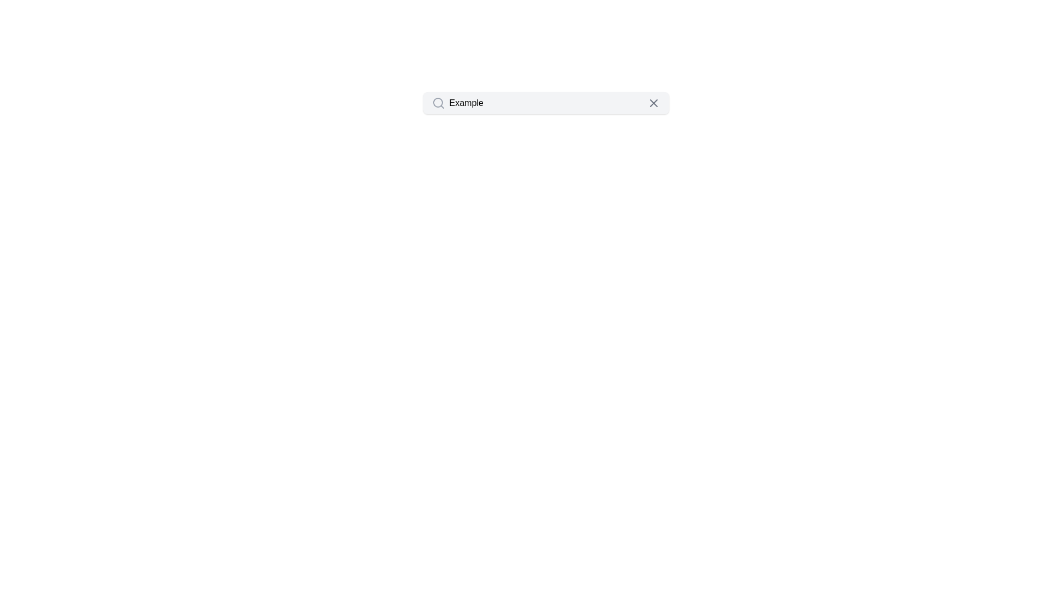  Describe the element at coordinates (653, 103) in the screenshot. I see `the clear icon located at the rightmost edge of the search input field, represented by the class 'lucide lucide-x'` at that location.